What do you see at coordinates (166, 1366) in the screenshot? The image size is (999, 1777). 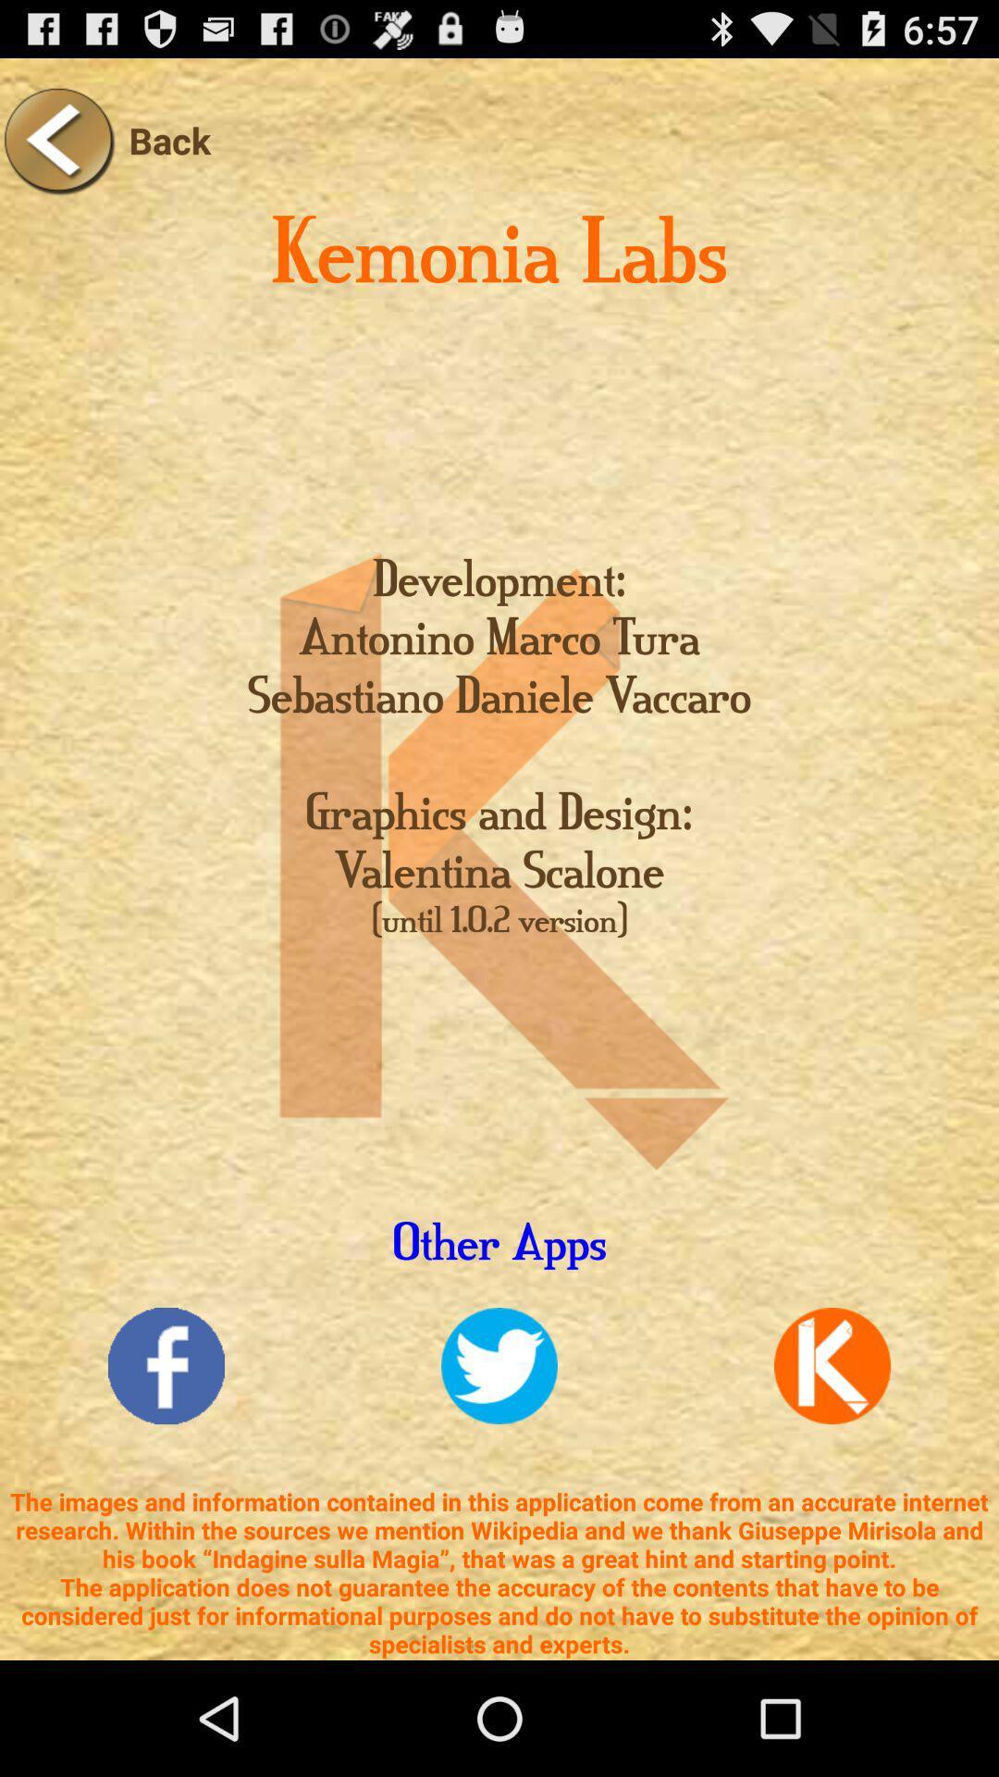 I see `open facebook` at bounding box center [166, 1366].